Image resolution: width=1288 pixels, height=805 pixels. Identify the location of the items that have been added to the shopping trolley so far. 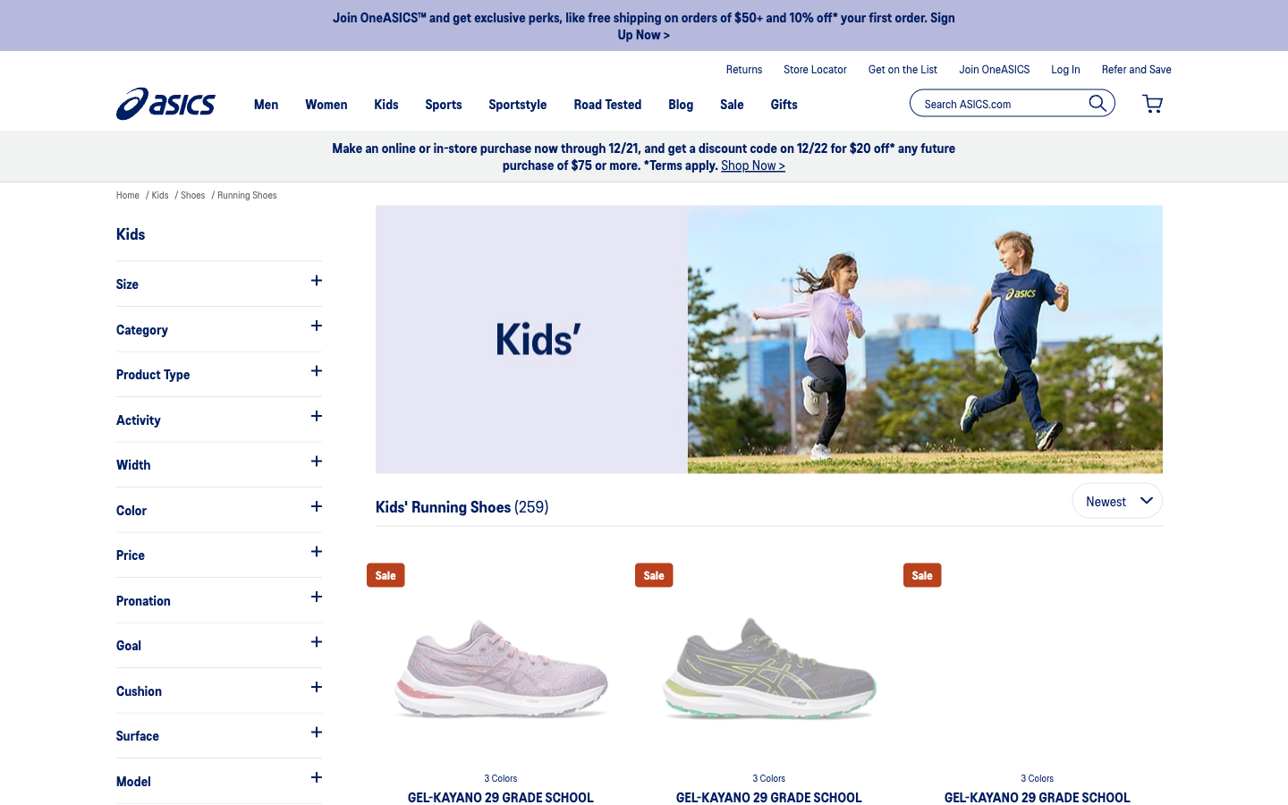
(1152, 104).